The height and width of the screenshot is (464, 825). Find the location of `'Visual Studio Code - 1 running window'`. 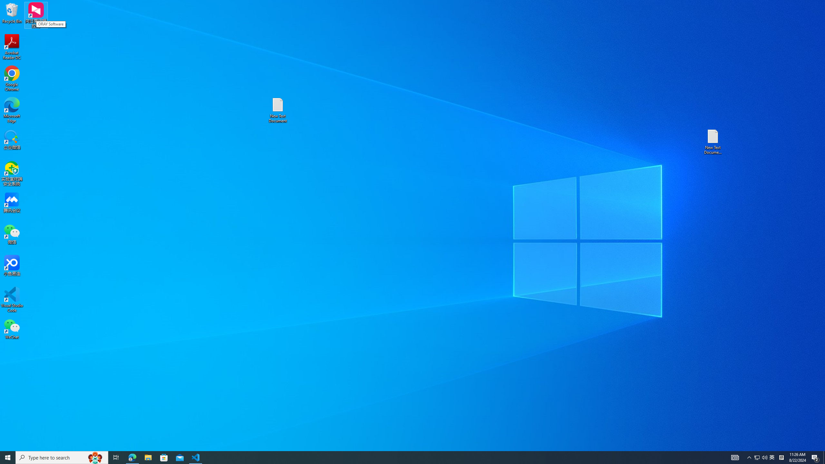

'Visual Studio Code - 1 running window' is located at coordinates (196, 457).